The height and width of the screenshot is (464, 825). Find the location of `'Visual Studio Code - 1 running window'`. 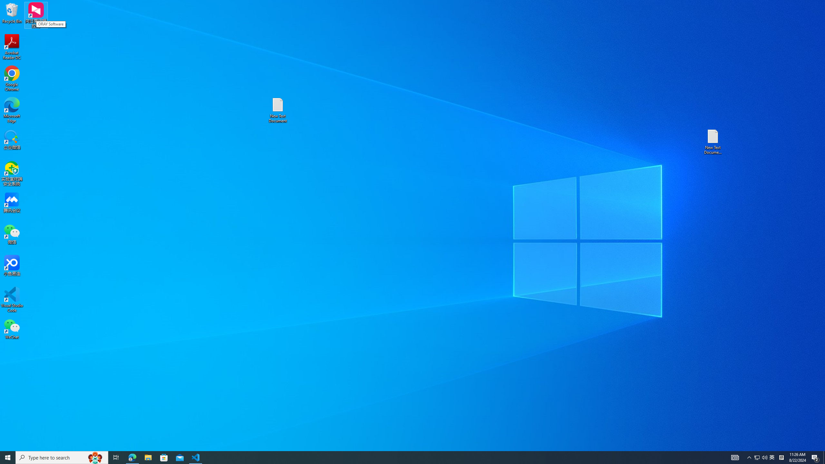

'Visual Studio Code - 1 running window' is located at coordinates (196, 457).